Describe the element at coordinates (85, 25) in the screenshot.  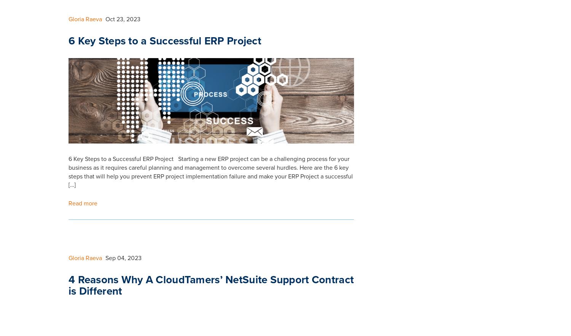
I see `'Gloria Raeva'` at that location.